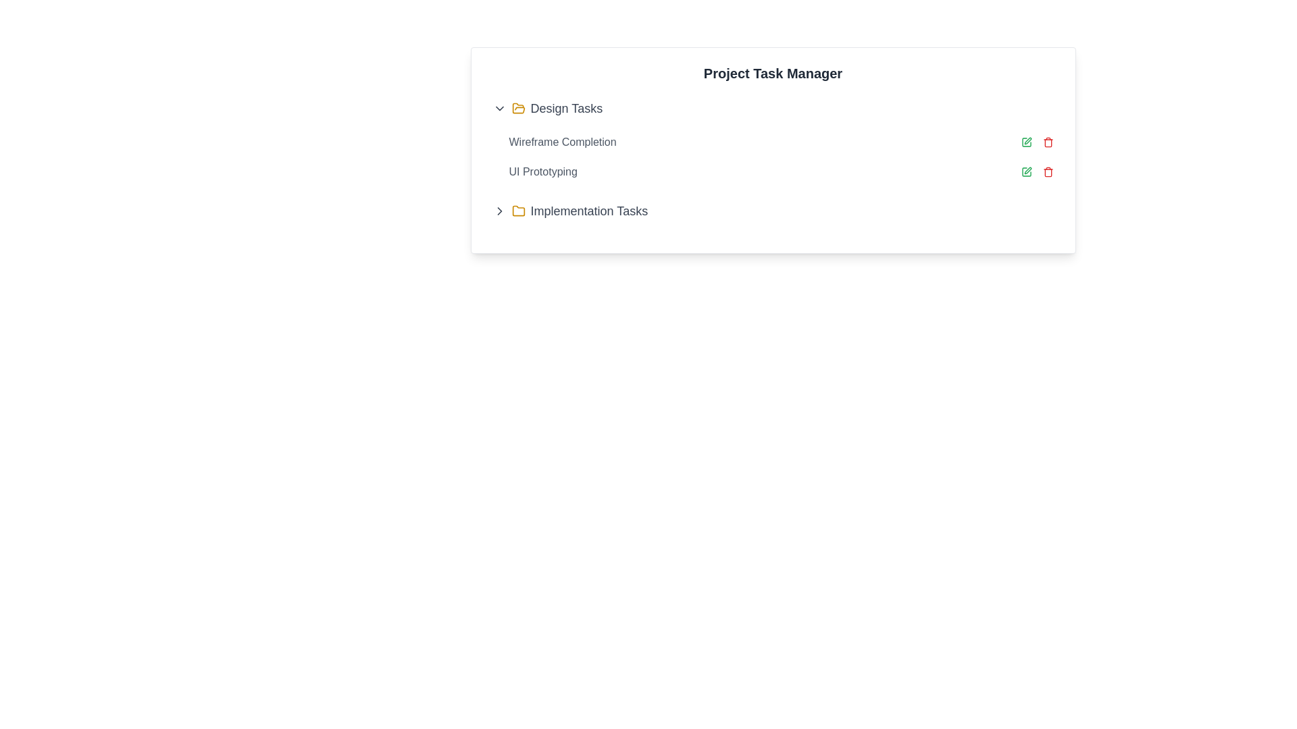  What do you see at coordinates (781, 171) in the screenshot?
I see `the task titled 'UI Prototyping'` at bounding box center [781, 171].